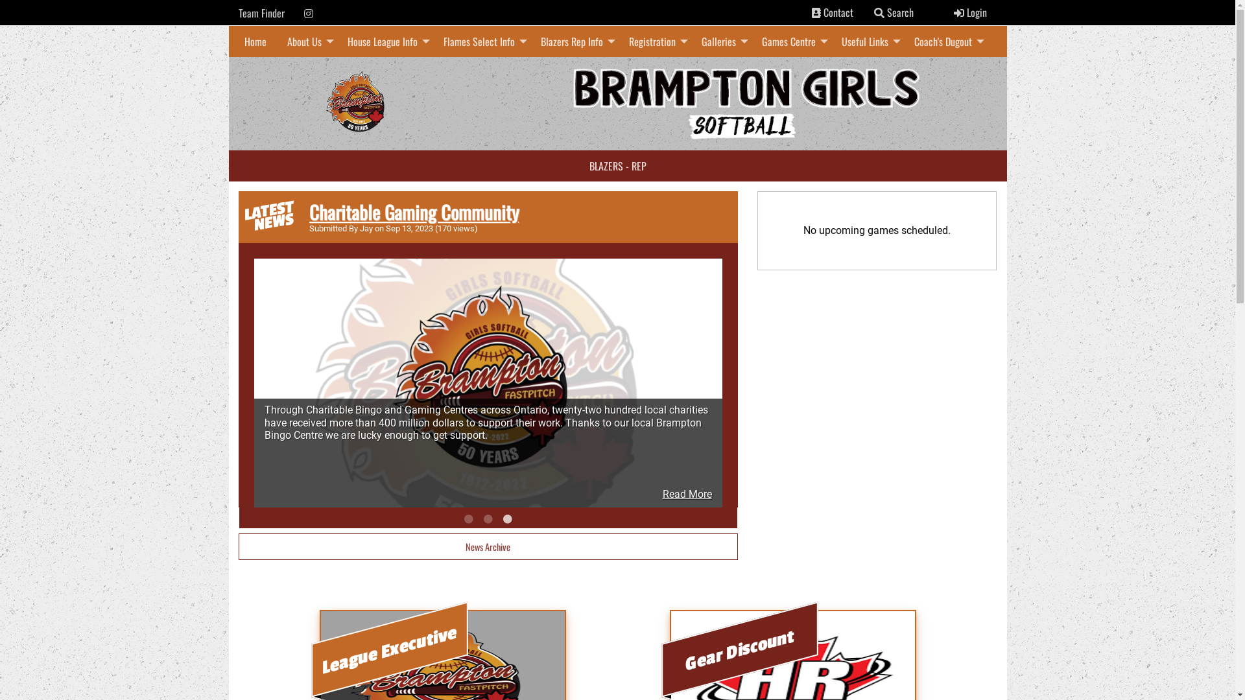 The width and height of the screenshot is (1245, 700). What do you see at coordinates (276, 41) in the screenshot?
I see `'About Us'` at bounding box center [276, 41].